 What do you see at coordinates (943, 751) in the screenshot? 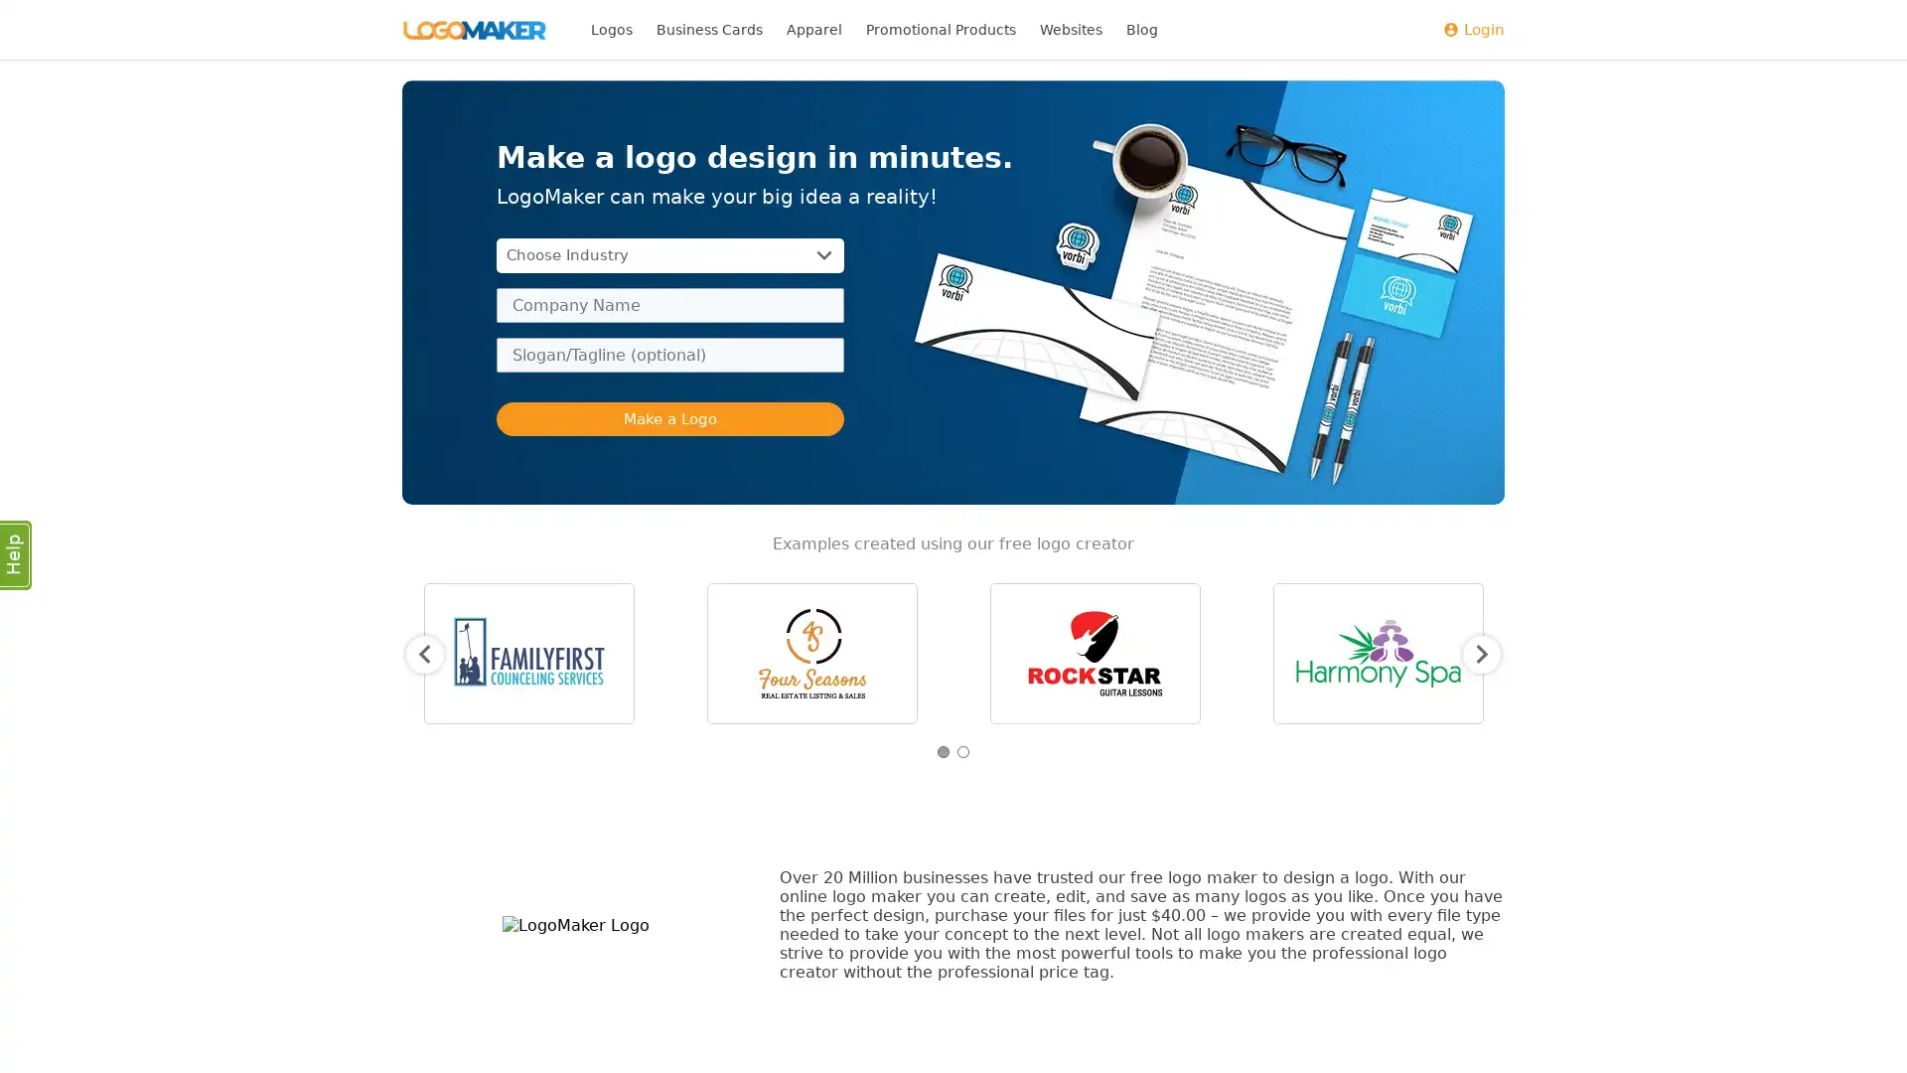
I see `1` at bounding box center [943, 751].